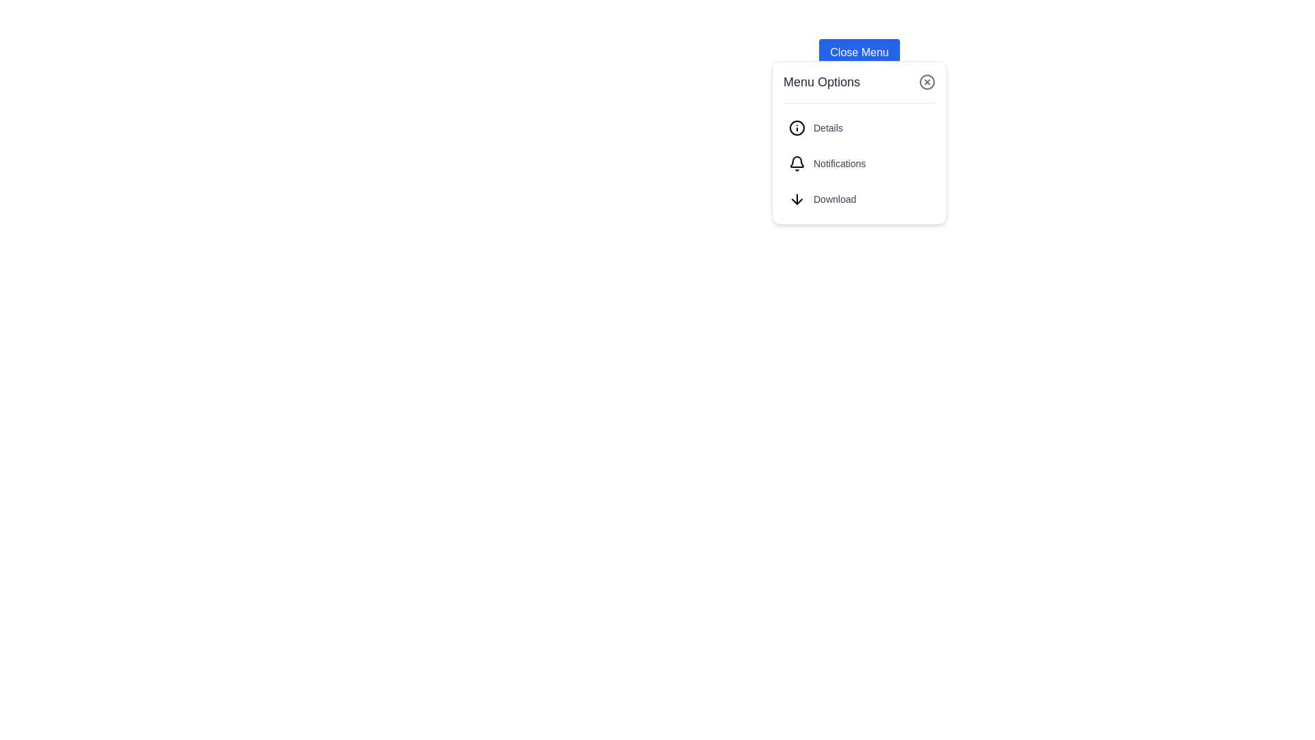 The image size is (1315, 740). I want to click on the notification icon located immediately to the left of the 'Notifications' text label in the second row of the drop-down menu, so click(797, 163).